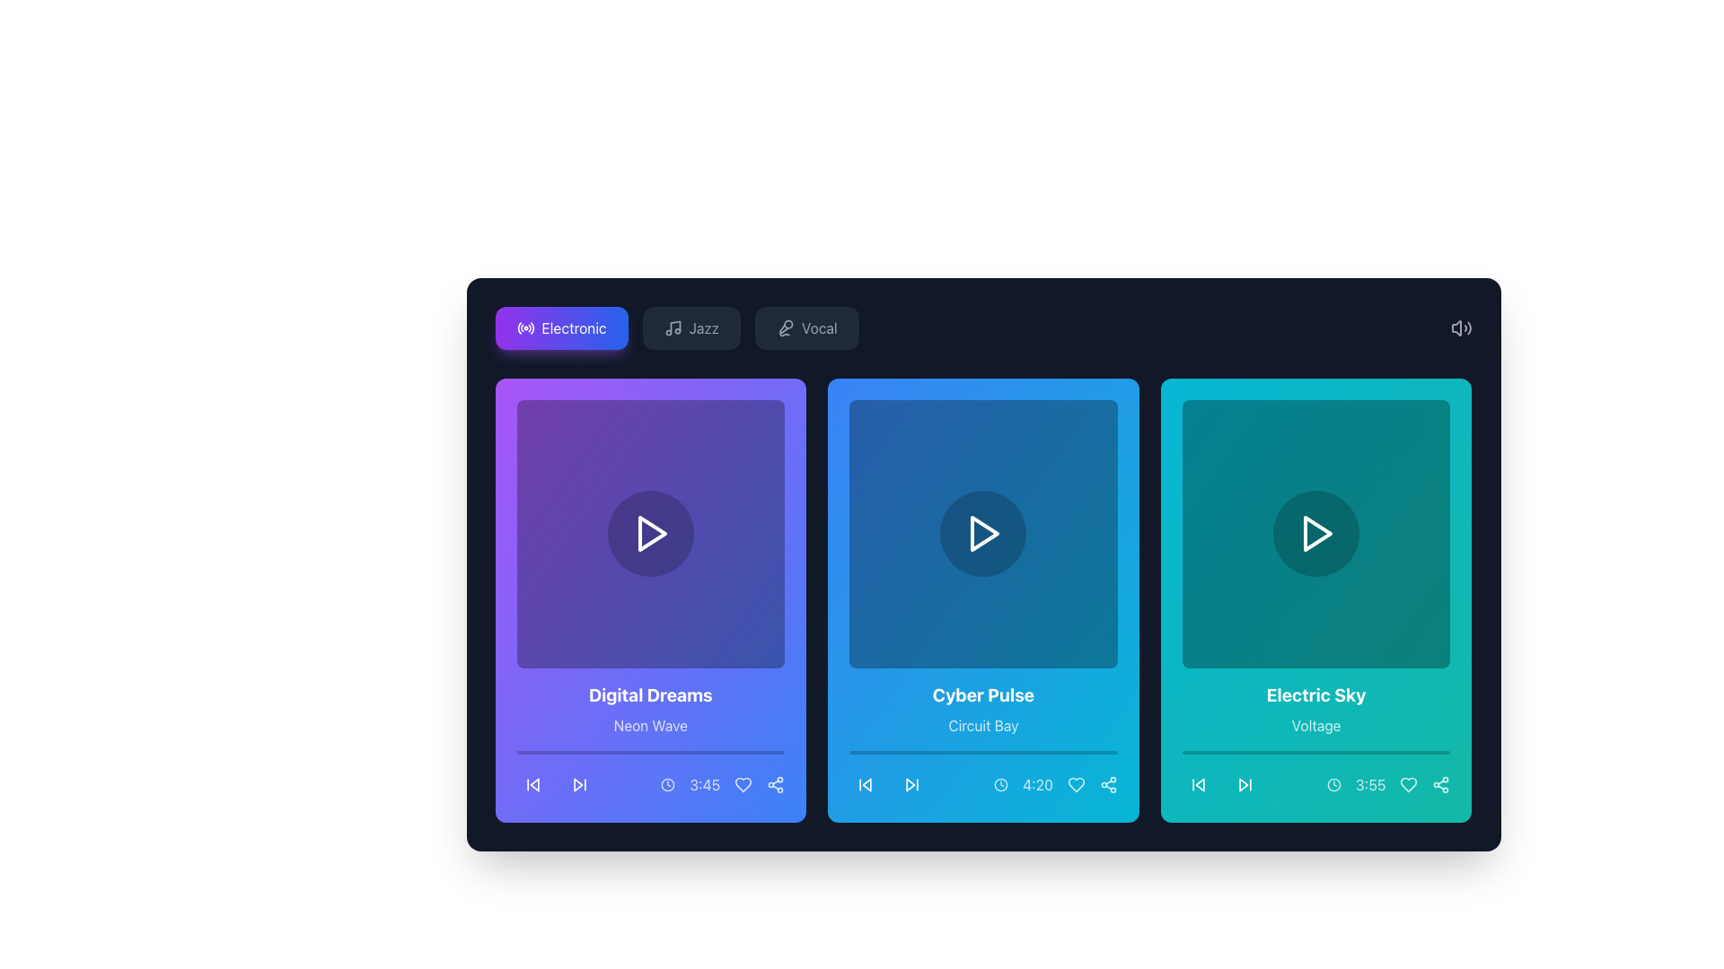  Describe the element at coordinates (723, 783) in the screenshot. I see `the Text label displaying the duration of the audio content in the 'Digital Dreams' section, located between the clock icon and the outlined heart icon` at that location.